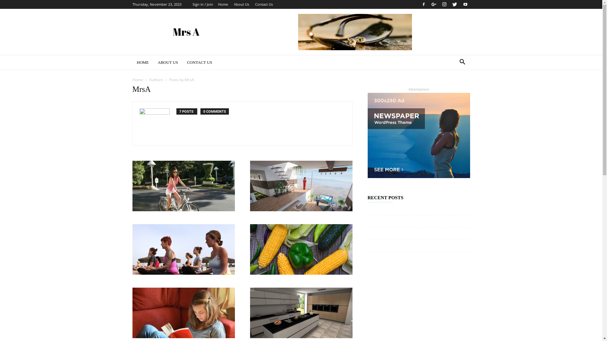  I want to click on 'Home', so click(223, 4).